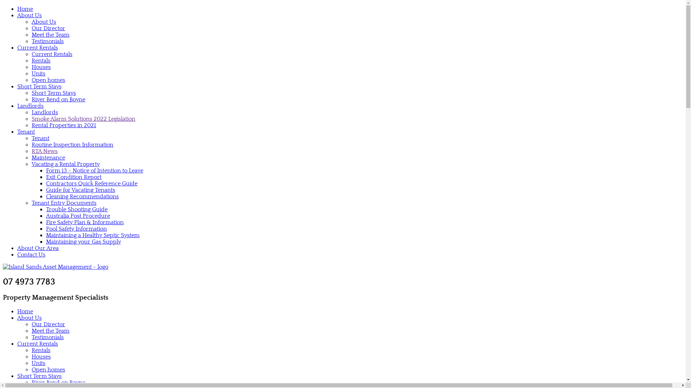 This screenshot has height=388, width=691. What do you see at coordinates (50, 331) in the screenshot?
I see `'Meet the Team'` at bounding box center [50, 331].